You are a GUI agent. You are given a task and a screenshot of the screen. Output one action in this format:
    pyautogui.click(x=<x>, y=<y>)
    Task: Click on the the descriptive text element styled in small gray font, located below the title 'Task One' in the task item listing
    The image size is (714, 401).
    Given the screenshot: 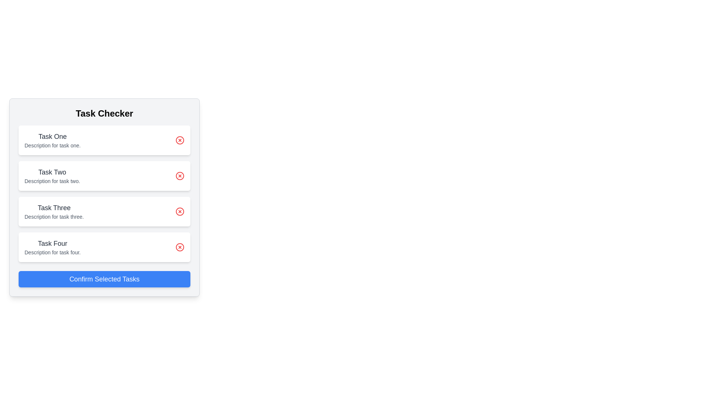 What is the action you would take?
    pyautogui.click(x=52, y=146)
    